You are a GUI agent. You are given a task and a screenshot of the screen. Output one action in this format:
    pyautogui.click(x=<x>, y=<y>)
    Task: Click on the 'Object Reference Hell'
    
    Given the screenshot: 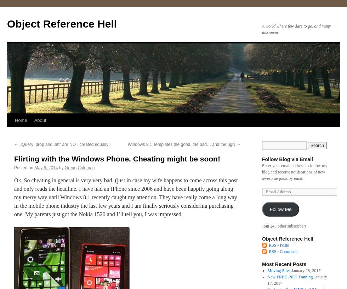 What is the action you would take?
    pyautogui.click(x=288, y=238)
    